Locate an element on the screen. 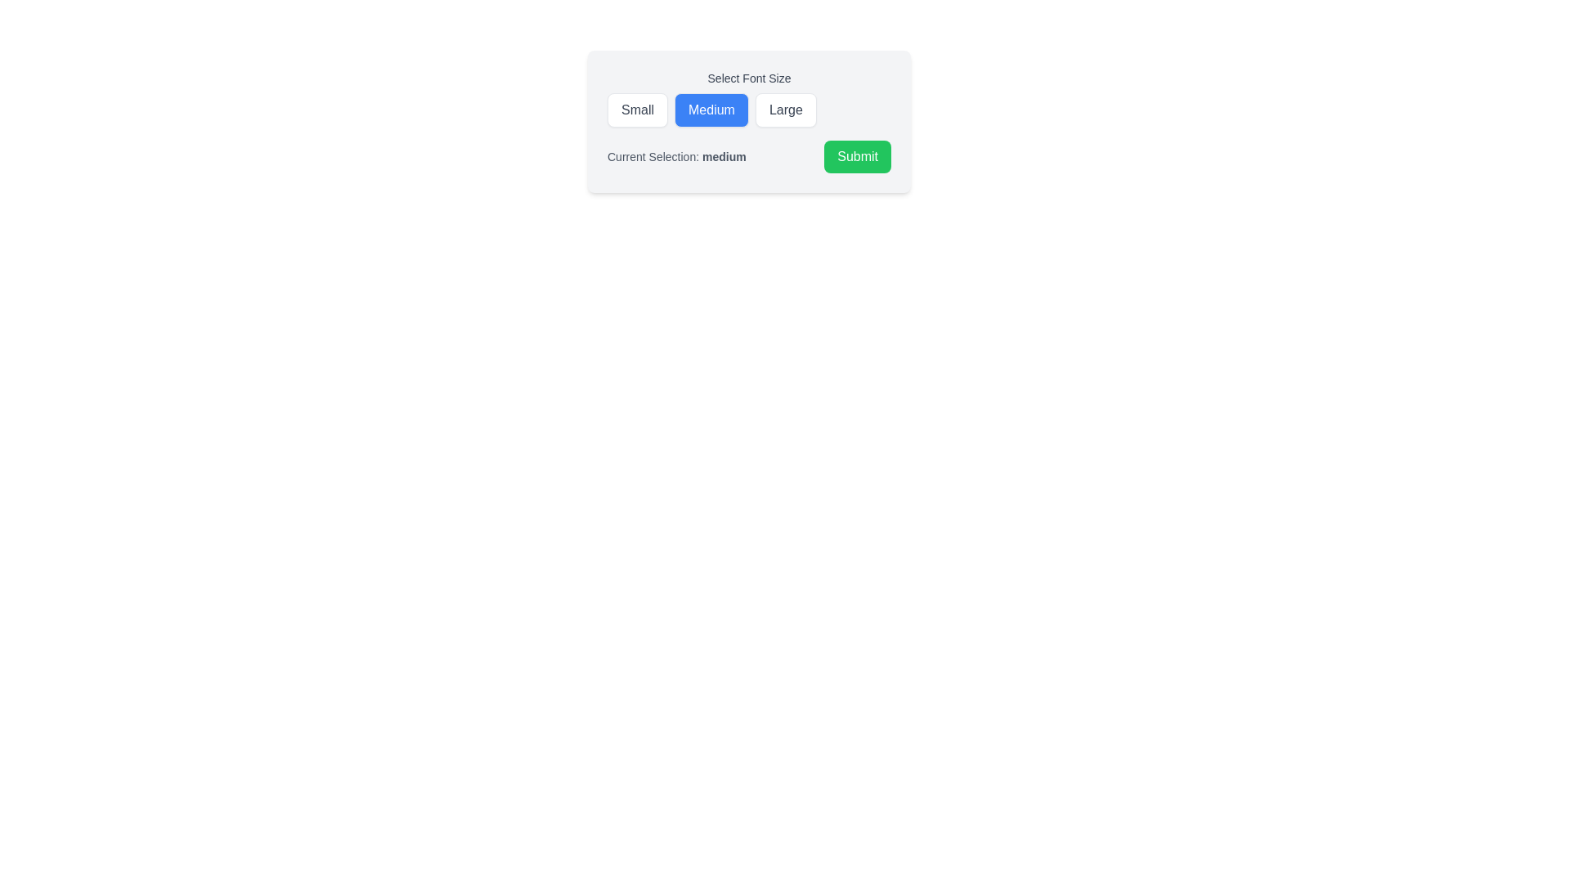 This screenshot has width=1570, height=883. the 'Large' button is located at coordinates (786, 110).